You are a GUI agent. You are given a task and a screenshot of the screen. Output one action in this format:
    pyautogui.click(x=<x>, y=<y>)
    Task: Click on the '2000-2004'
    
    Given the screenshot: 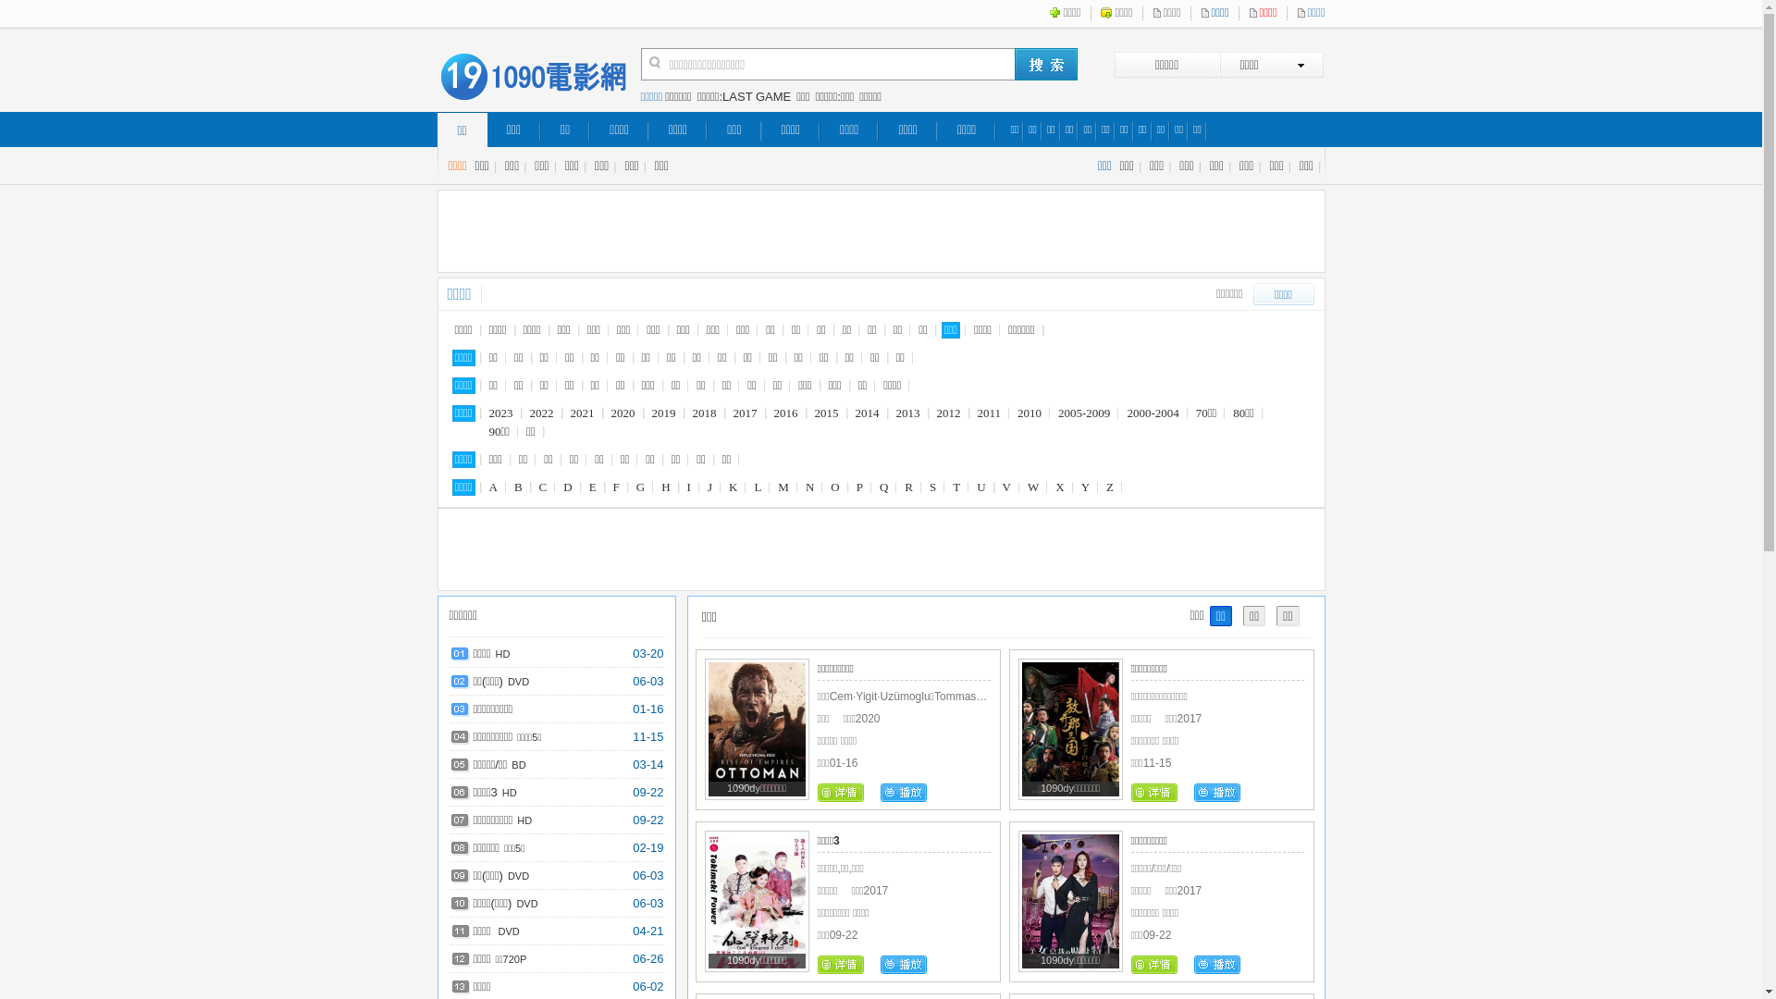 What is the action you would take?
    pyautogui.click(x=1152, y=413)
    